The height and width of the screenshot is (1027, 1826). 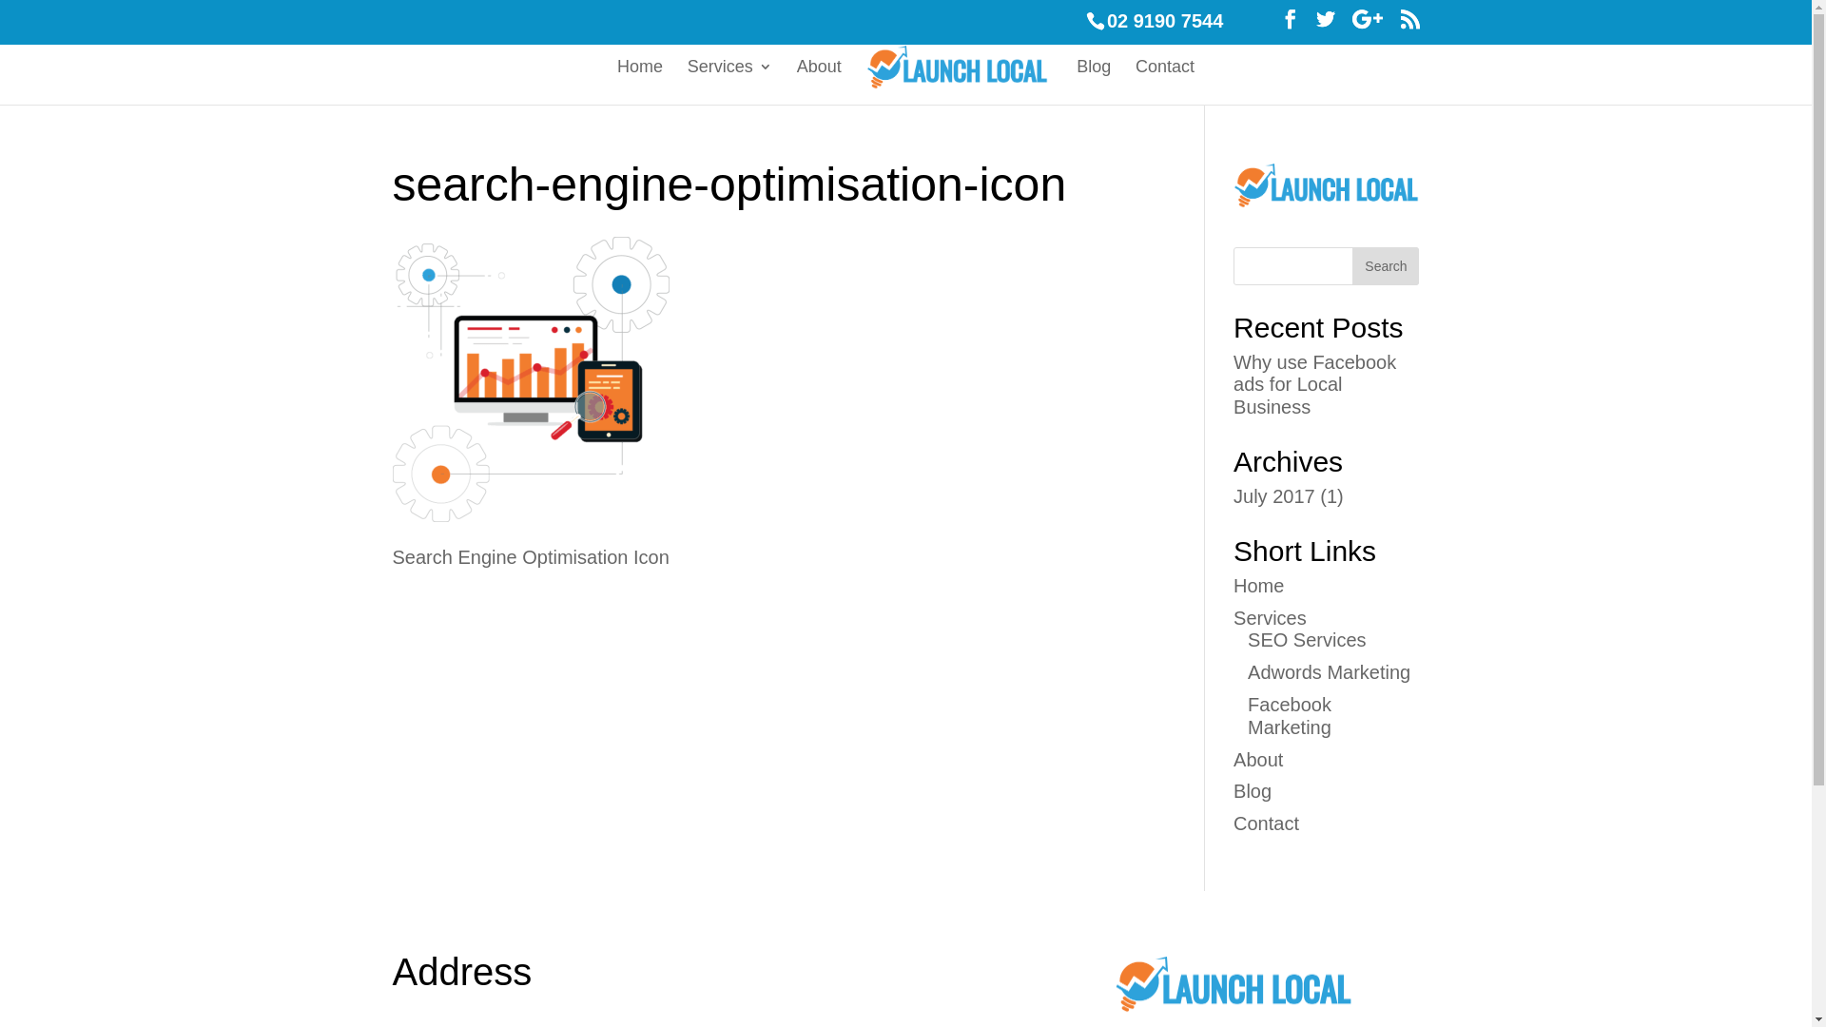 I want to click on 'Search', so click(x=1386, y=266).